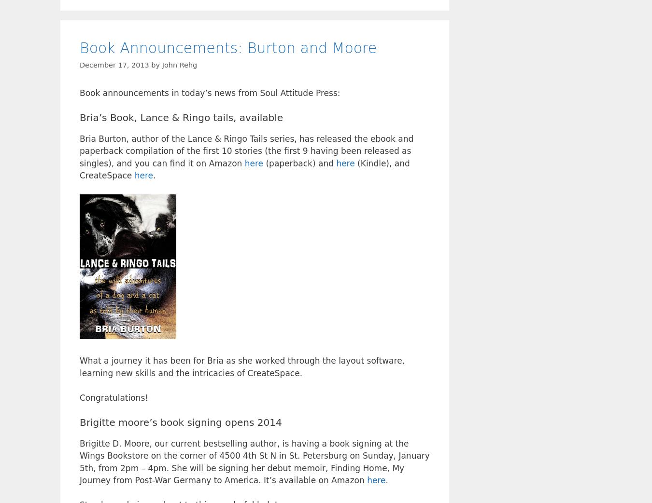 The image size is (652, 503). Describe the element at coordinates (210, 92) in the screenshot. I see `'Book announcements in today’s news from Soul Attitude Press:'` at that location.